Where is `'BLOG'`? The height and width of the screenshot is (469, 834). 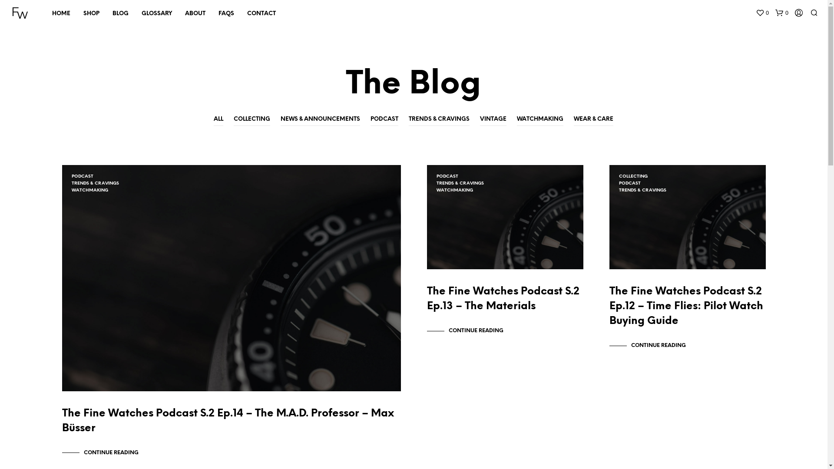
'BLOG' is located at coordinates (120, 13).